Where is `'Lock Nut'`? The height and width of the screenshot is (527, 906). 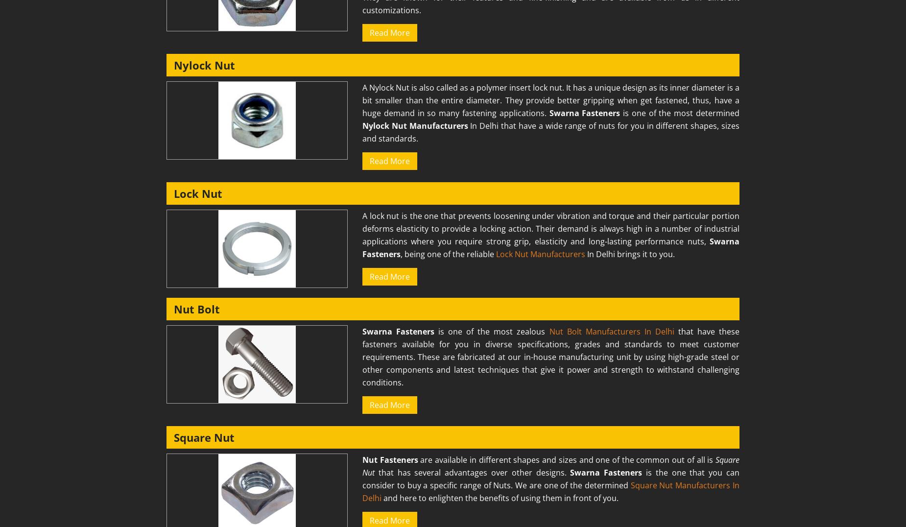
'Lock Nut' is located at coordinates (173, 192).